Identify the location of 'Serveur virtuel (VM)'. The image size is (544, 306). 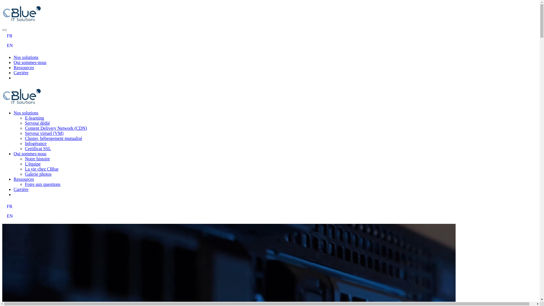
(44, 133).